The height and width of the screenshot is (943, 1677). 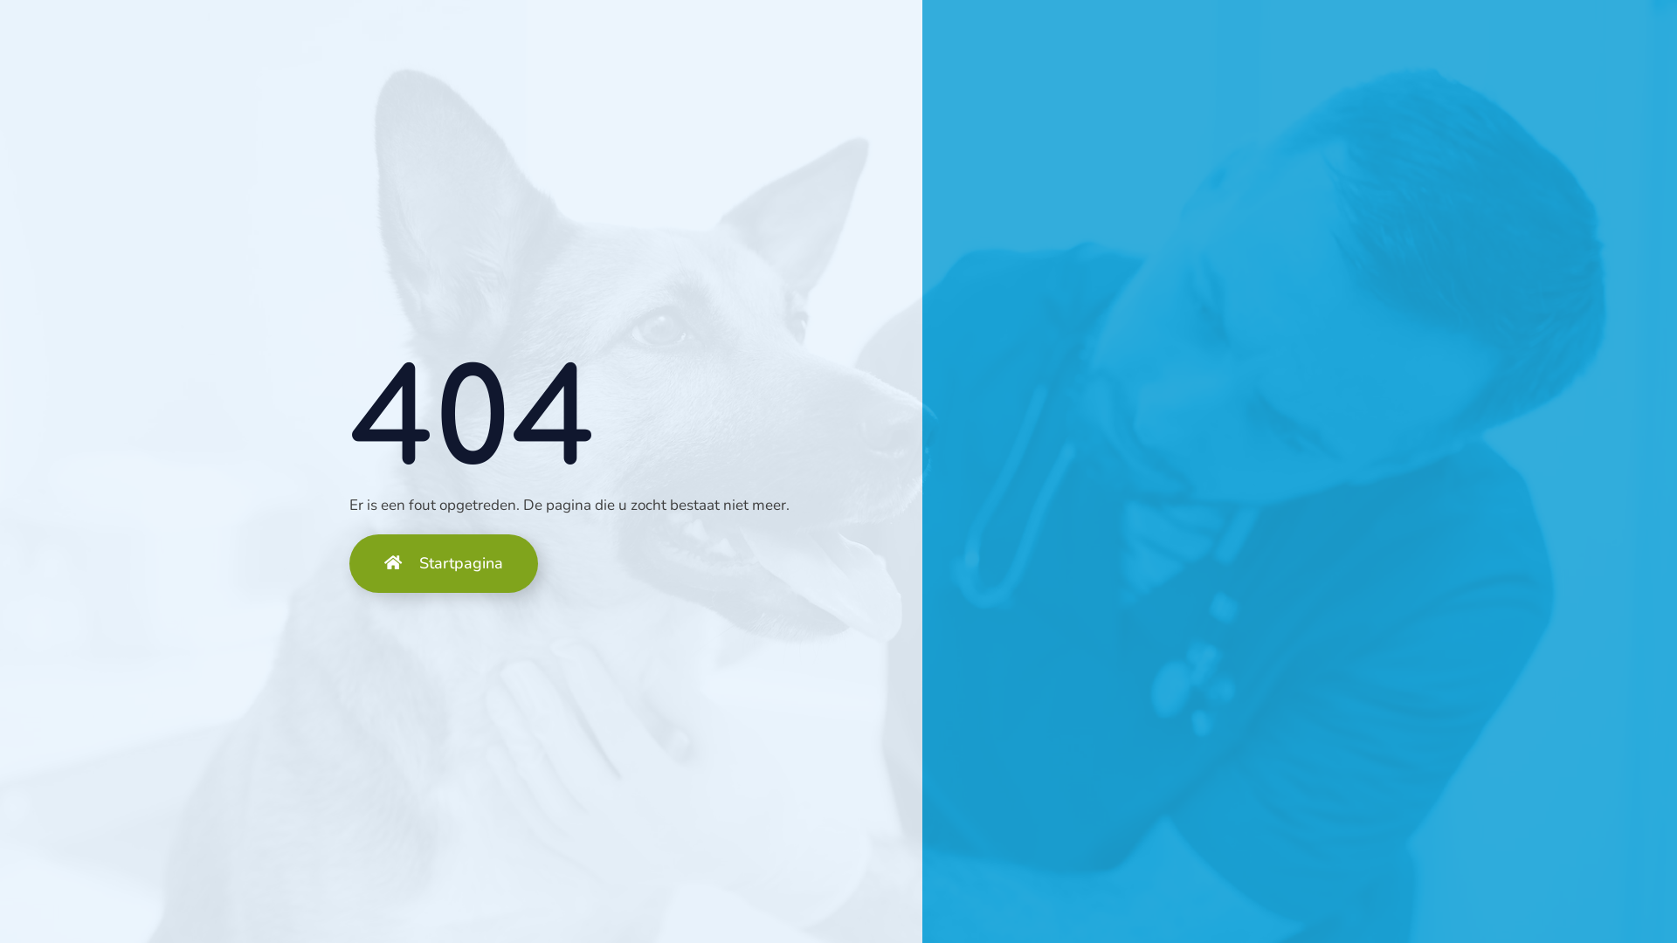 I want to click on 'Startpagina', so click(x=444, y=563).